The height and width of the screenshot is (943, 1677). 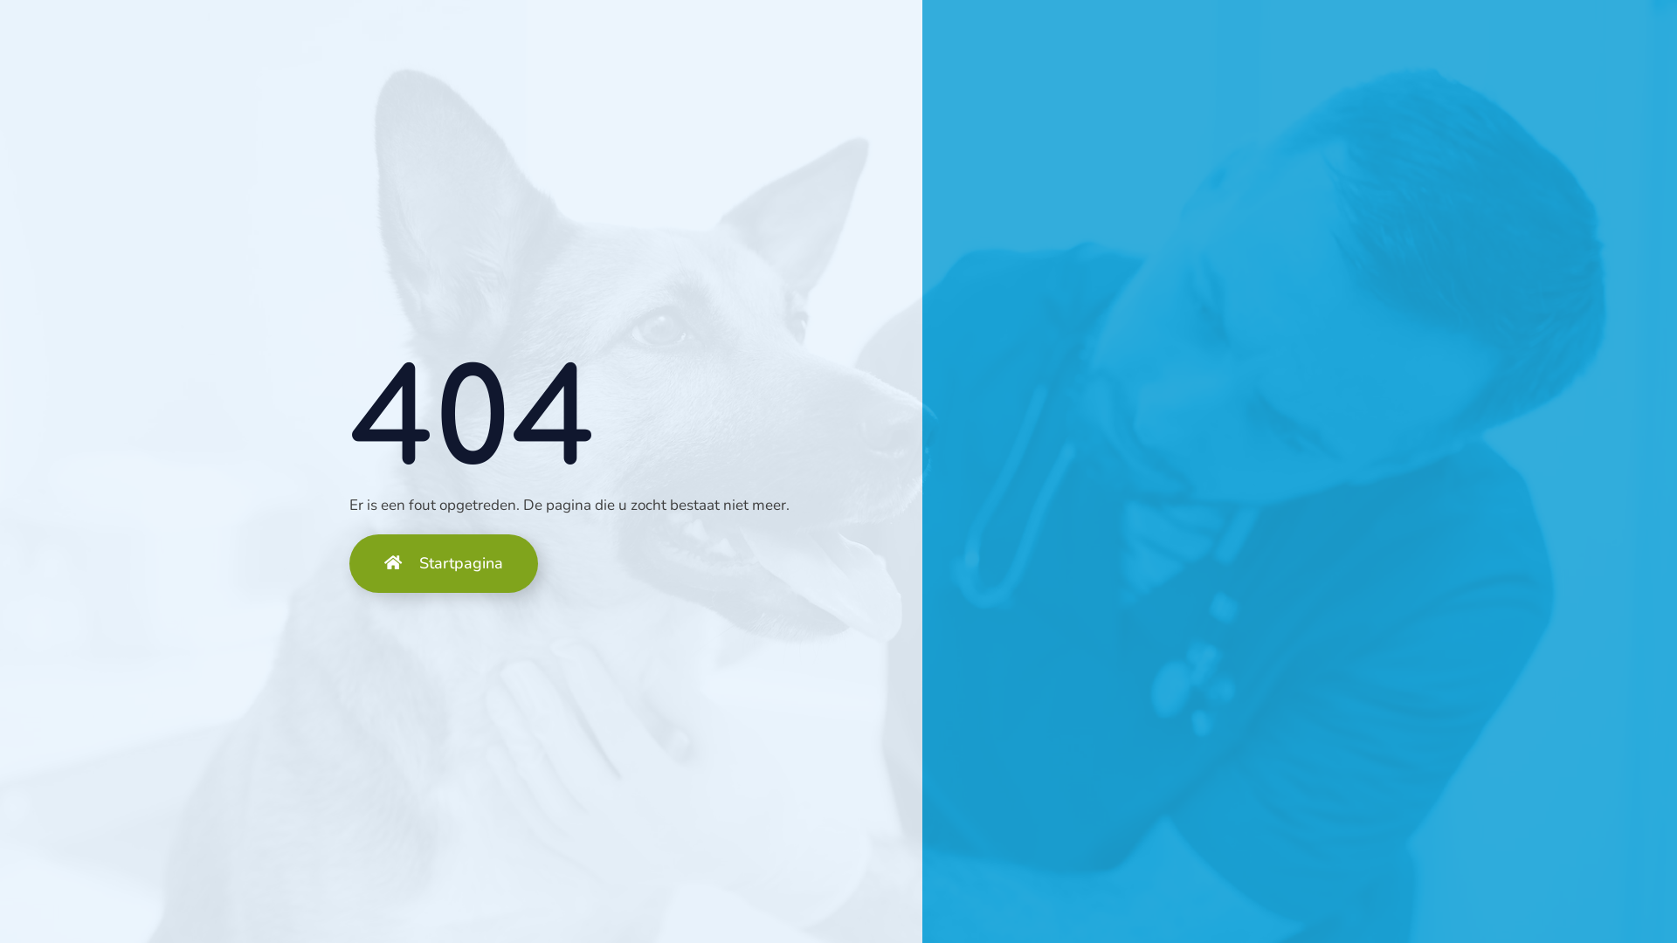 I want to click on 'Startpagina', so click(x=444, y=563).